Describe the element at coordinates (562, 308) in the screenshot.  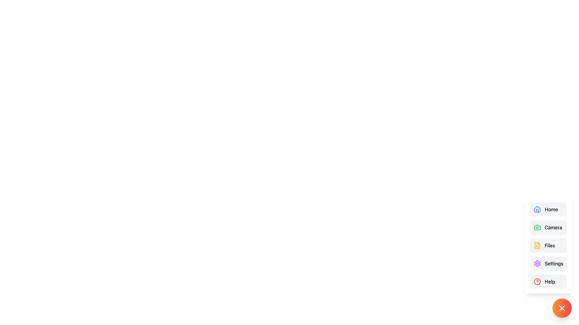
I see `the cross-shaped button with a gradient background` at that location.